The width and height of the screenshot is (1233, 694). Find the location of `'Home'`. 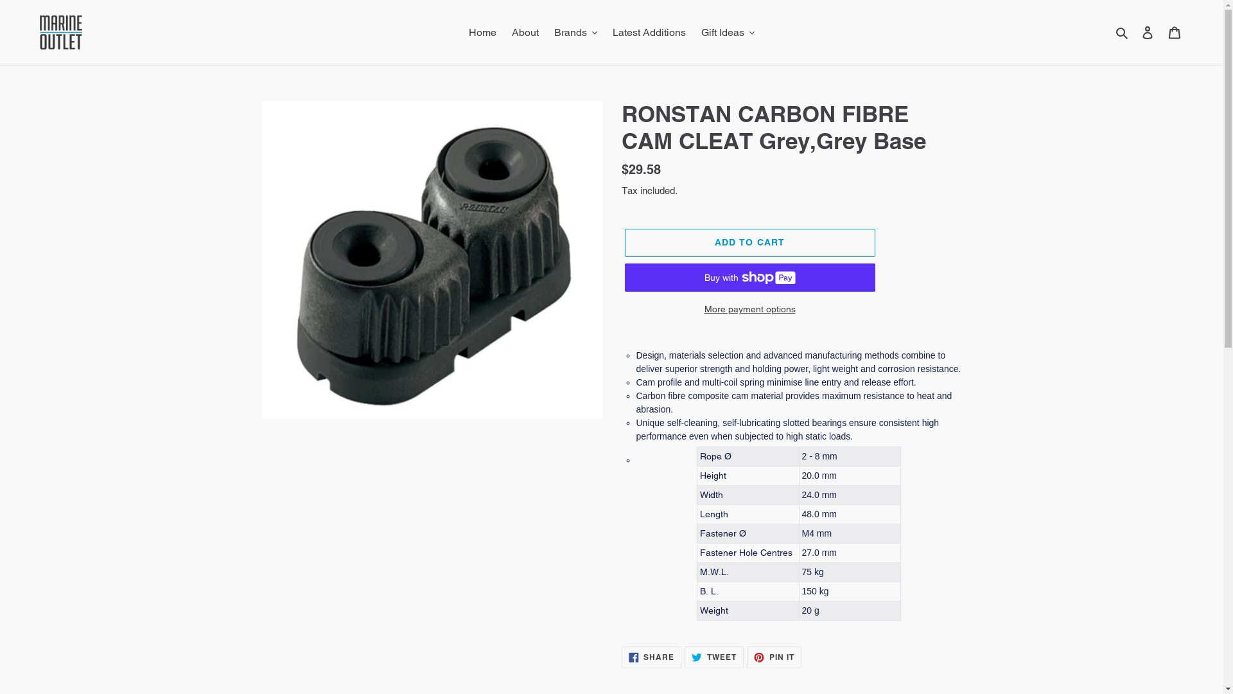

'Home' is located at coordinates (482, 31).